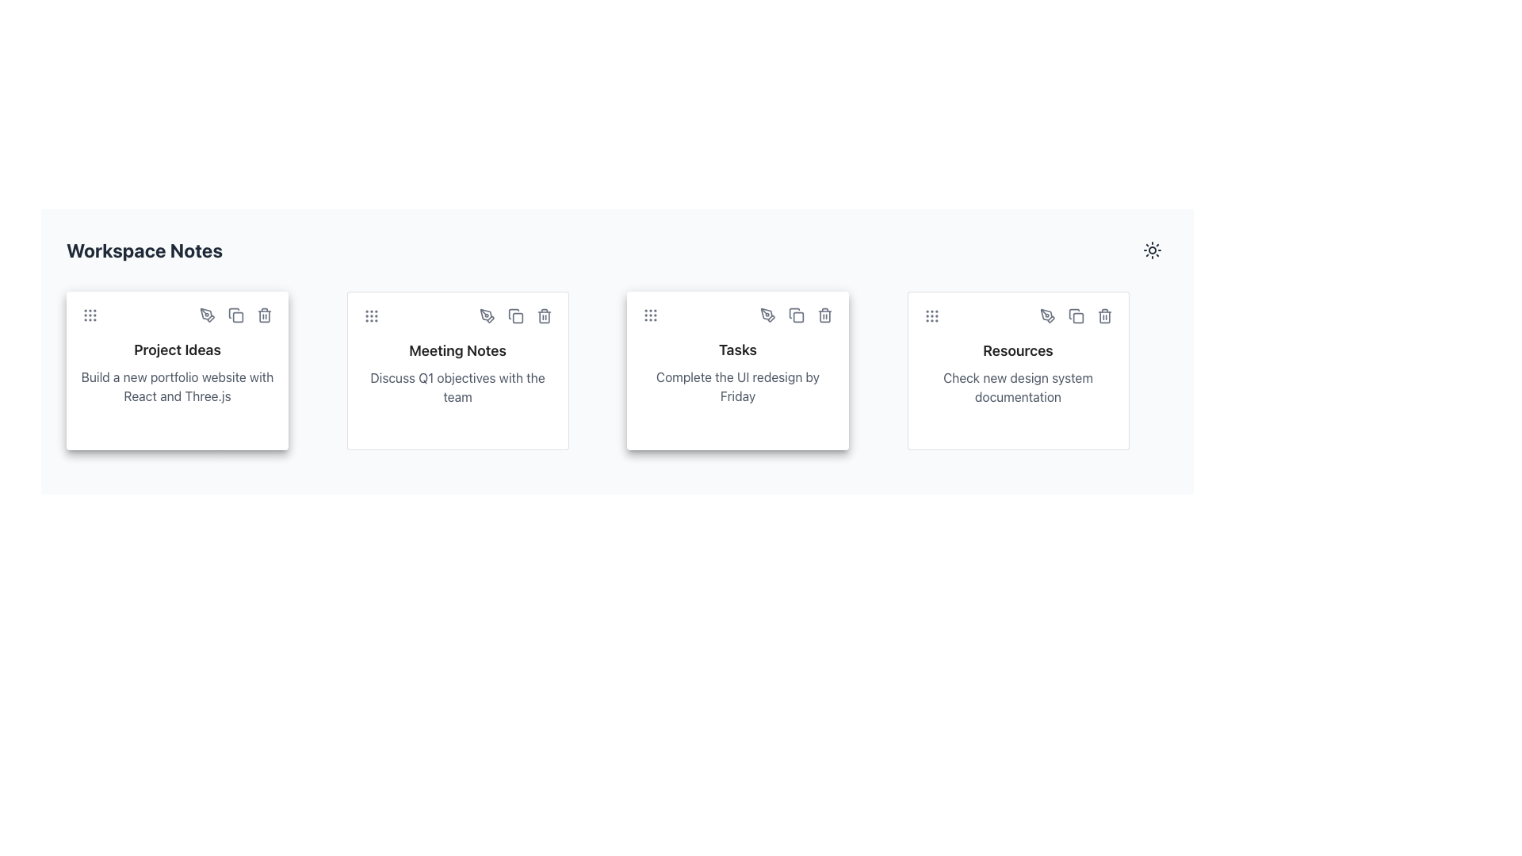  Describe the element at coordinates (931, 315) in the screenshot. I see `the gray drag handle icon, which is a 3x3 grid of small circles located at the top-left corner of the 'Resources' card` at that location.